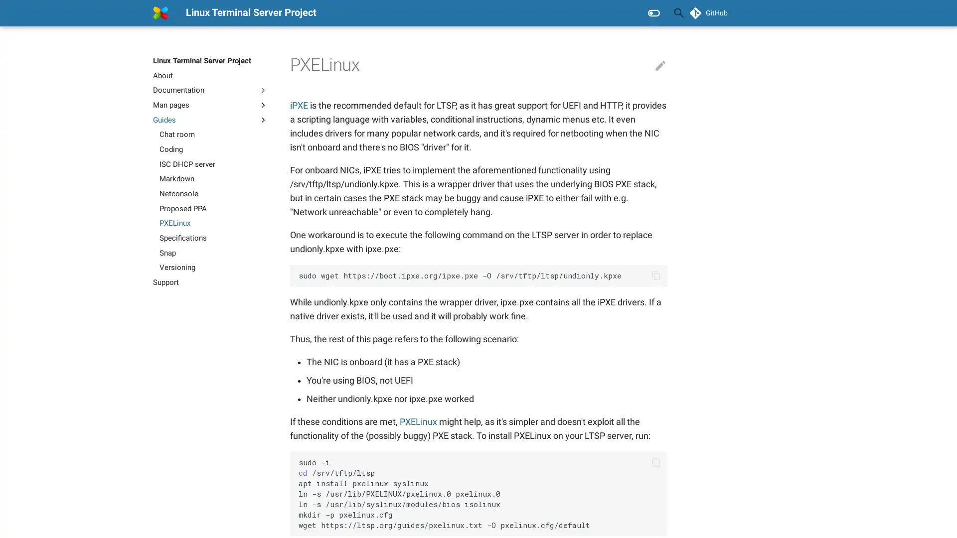 This screenshot has height=538, width=957. What do you see at coordinates (655, 275) in the screenshot?
I see `Copy to clipboard` at bounding box center [655, 275].